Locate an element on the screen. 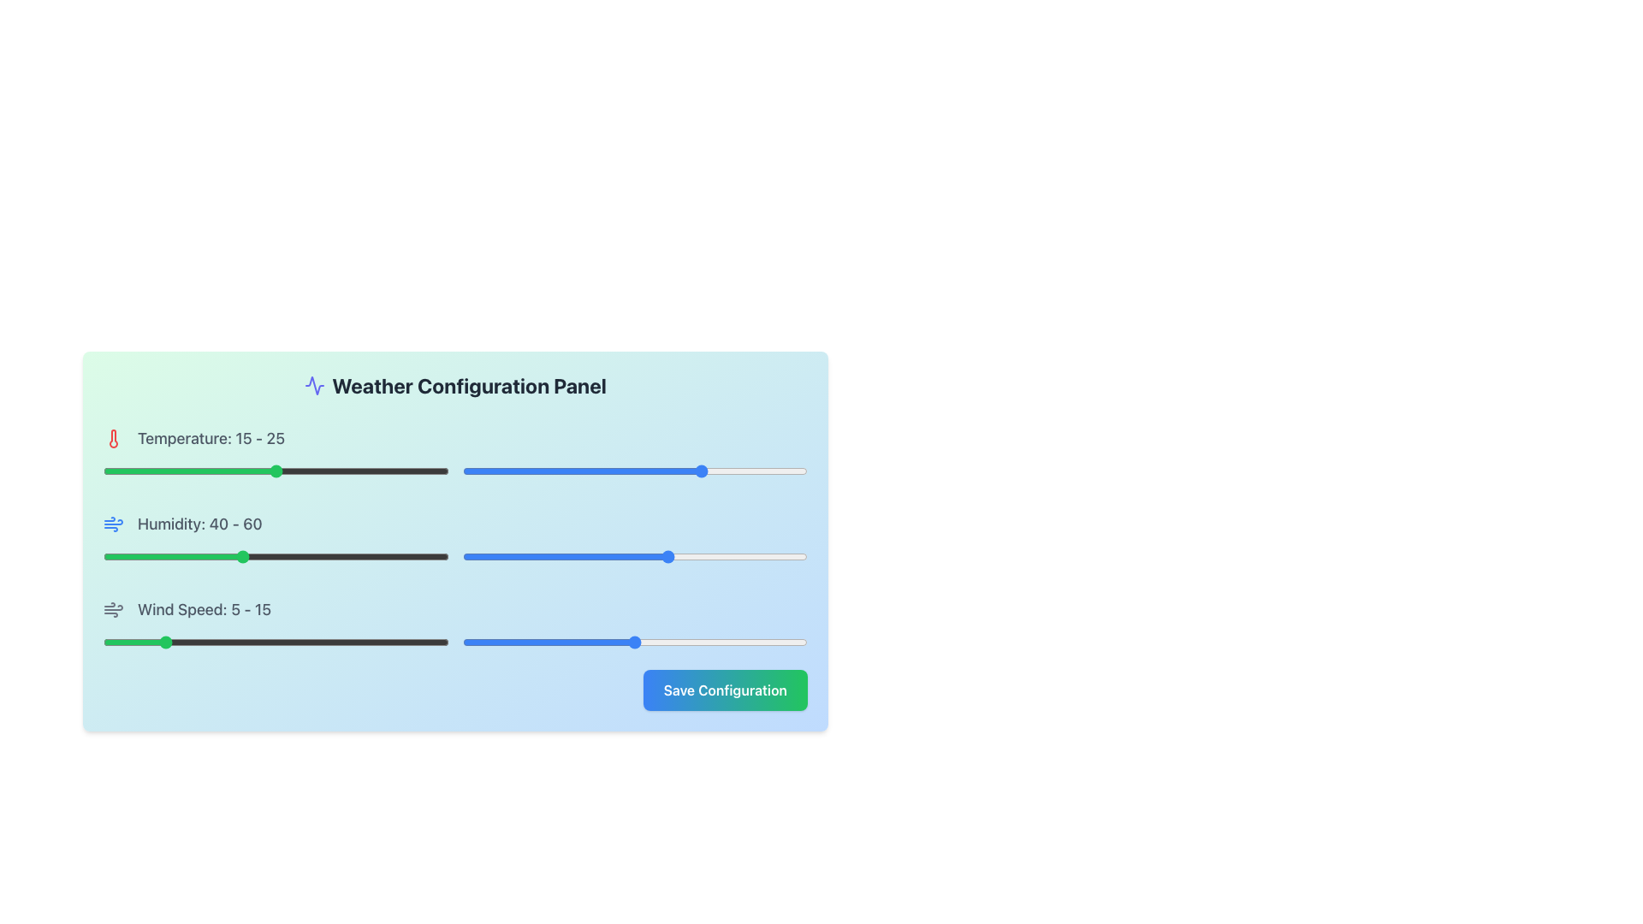 The image size is (1643, 924). the wind speed is located at coordinates (206, 643).